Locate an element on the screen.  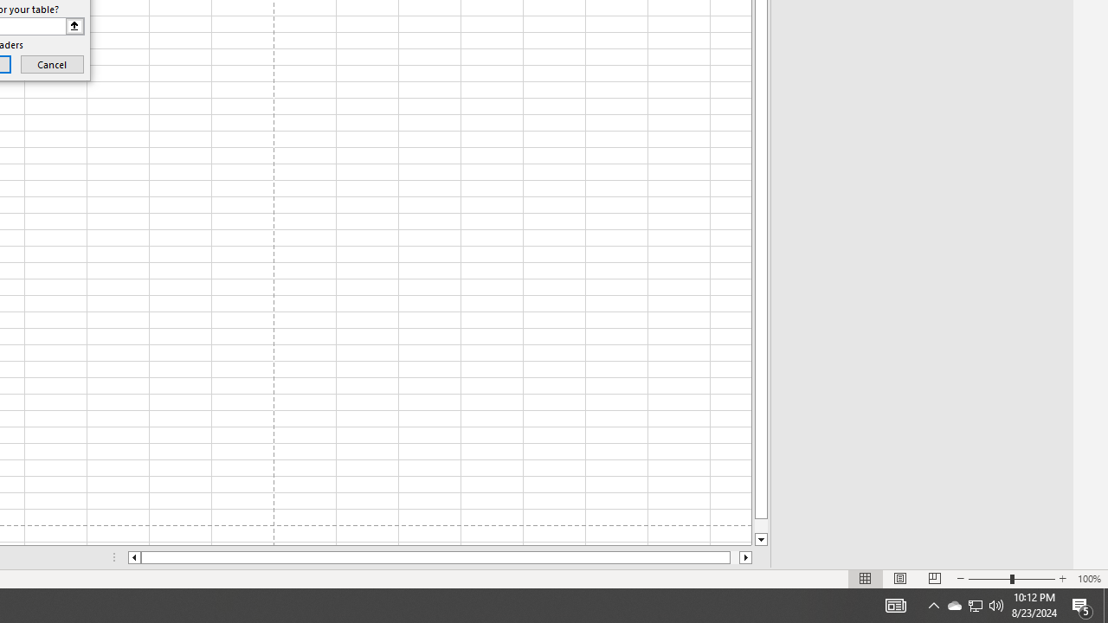
'Page right' is located at coordinates (734, 557).